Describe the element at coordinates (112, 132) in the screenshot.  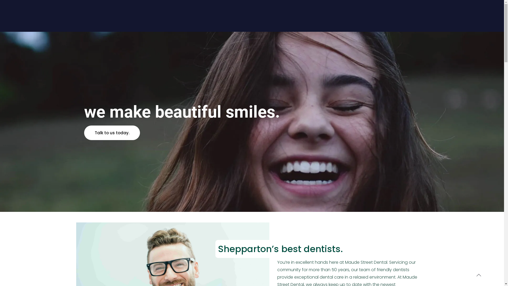
I see `'Talk to us today.'` at that location.